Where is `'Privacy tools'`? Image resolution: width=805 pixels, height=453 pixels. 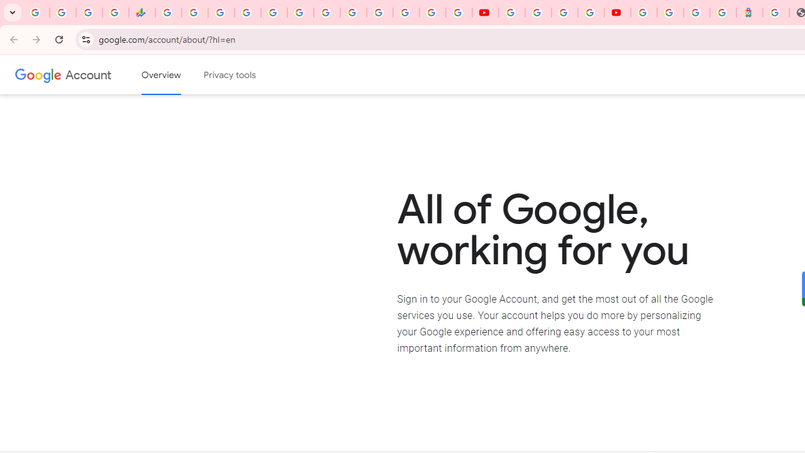 'Privacy tools' is located at coordinates (230, 75).